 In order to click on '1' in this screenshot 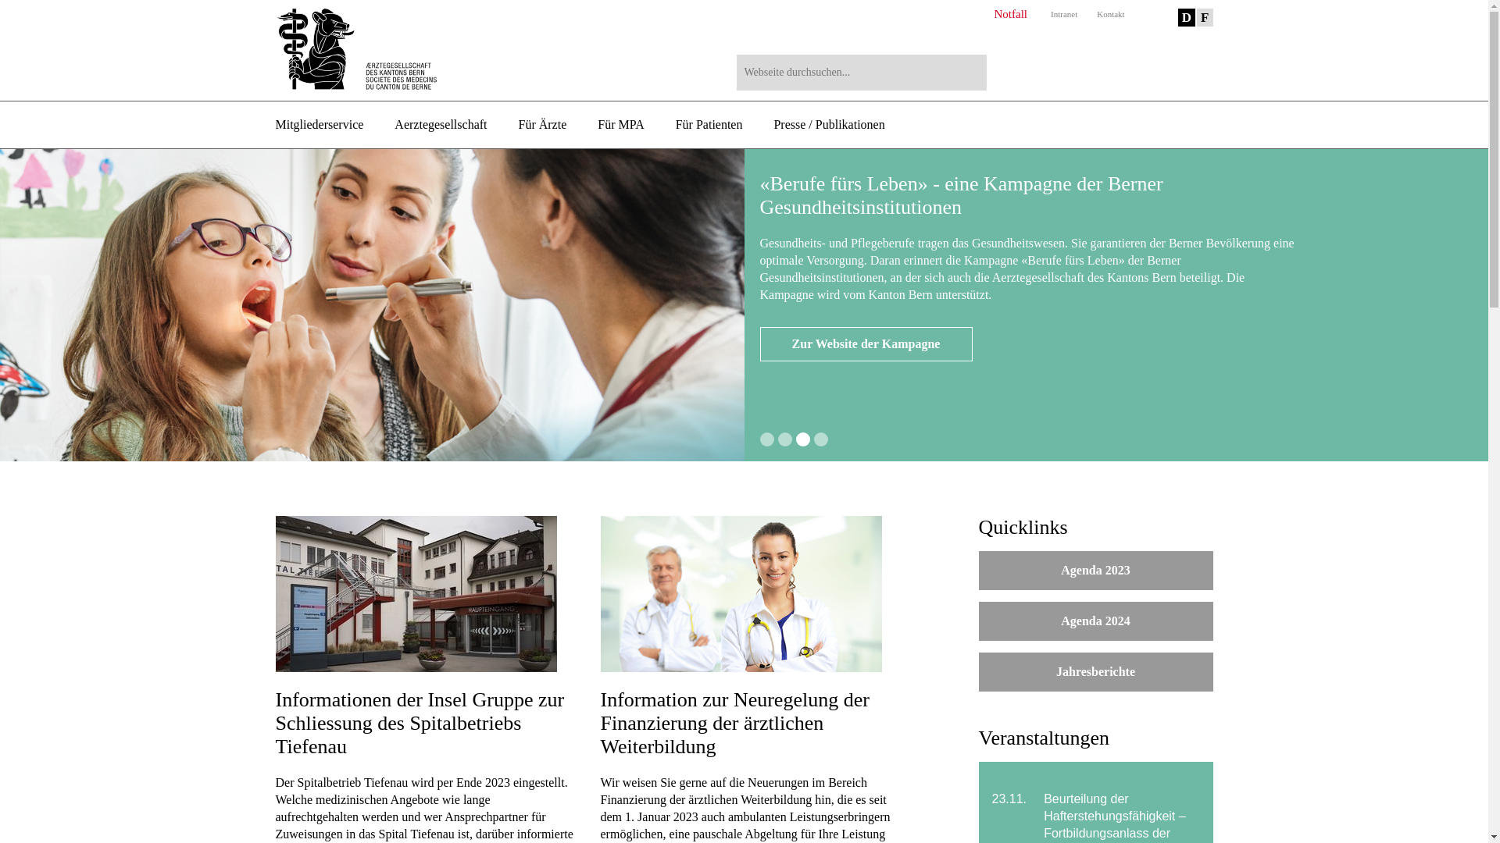, I will do `click(766, 439)`.